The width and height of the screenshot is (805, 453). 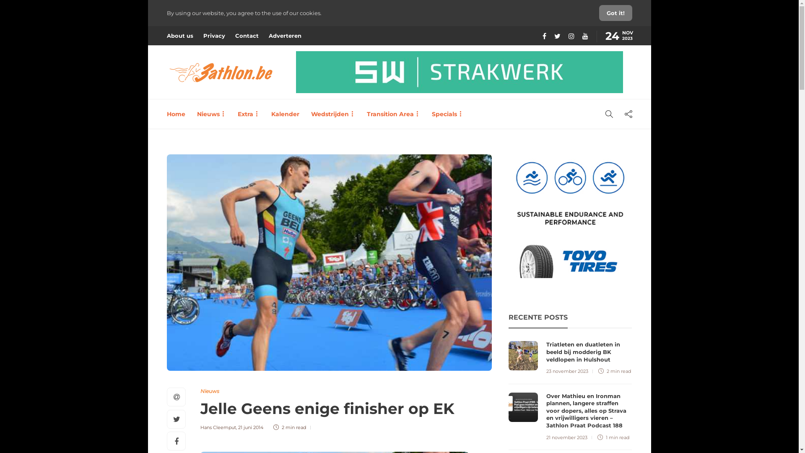 I want to click on 'Specials', so click(x=447, y=114).